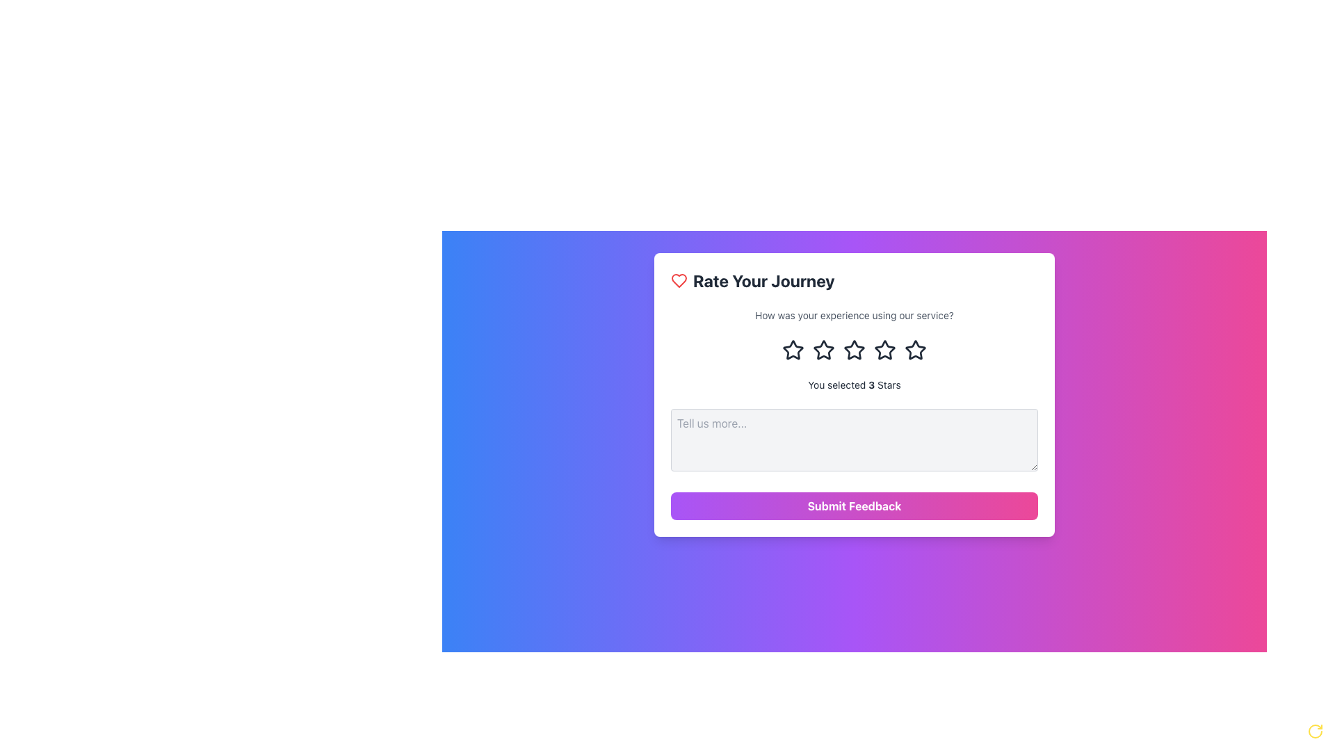  Describe the element at coordinates (824, 349) in the screenshot. I see `the third star icon in the rating section beneath 'Rate Your Journey'` at that location.